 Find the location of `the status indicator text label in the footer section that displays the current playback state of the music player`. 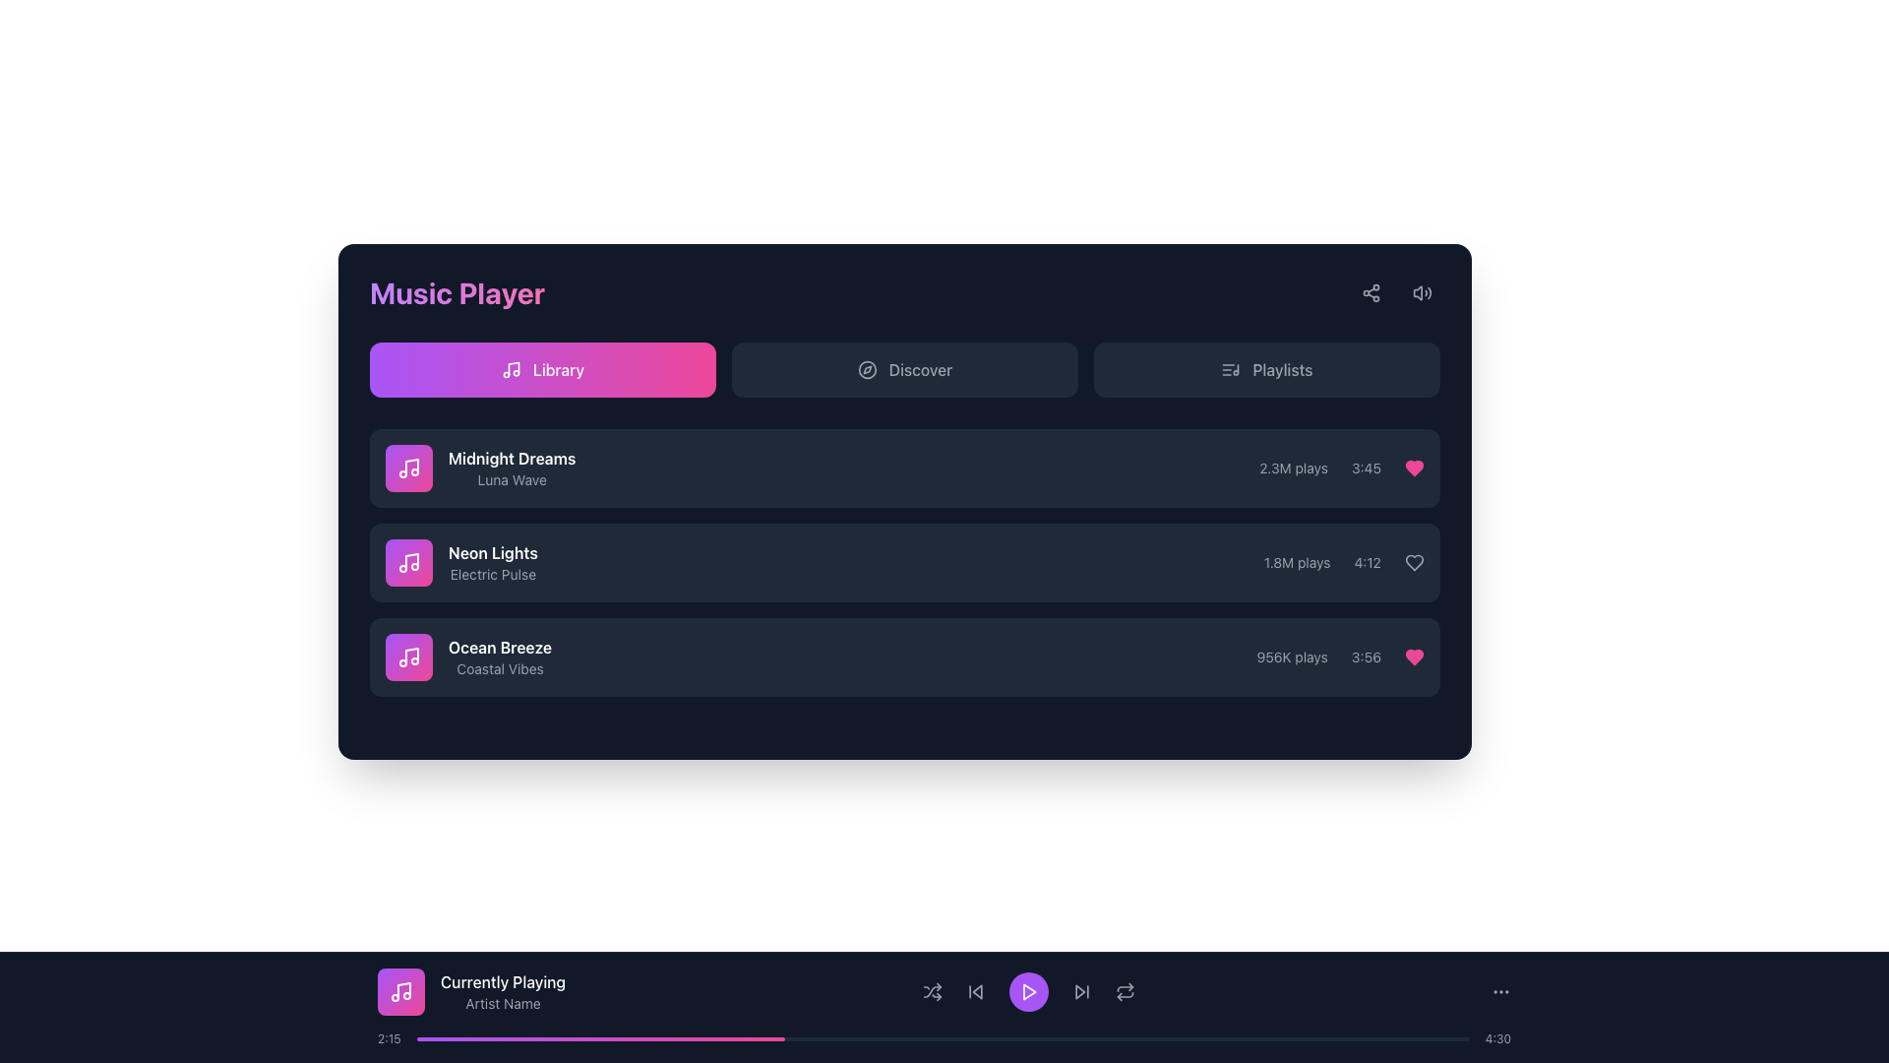

the status indicator text label in the footer section that displays the current playback state of the music player is located at coordinates (503, 982).